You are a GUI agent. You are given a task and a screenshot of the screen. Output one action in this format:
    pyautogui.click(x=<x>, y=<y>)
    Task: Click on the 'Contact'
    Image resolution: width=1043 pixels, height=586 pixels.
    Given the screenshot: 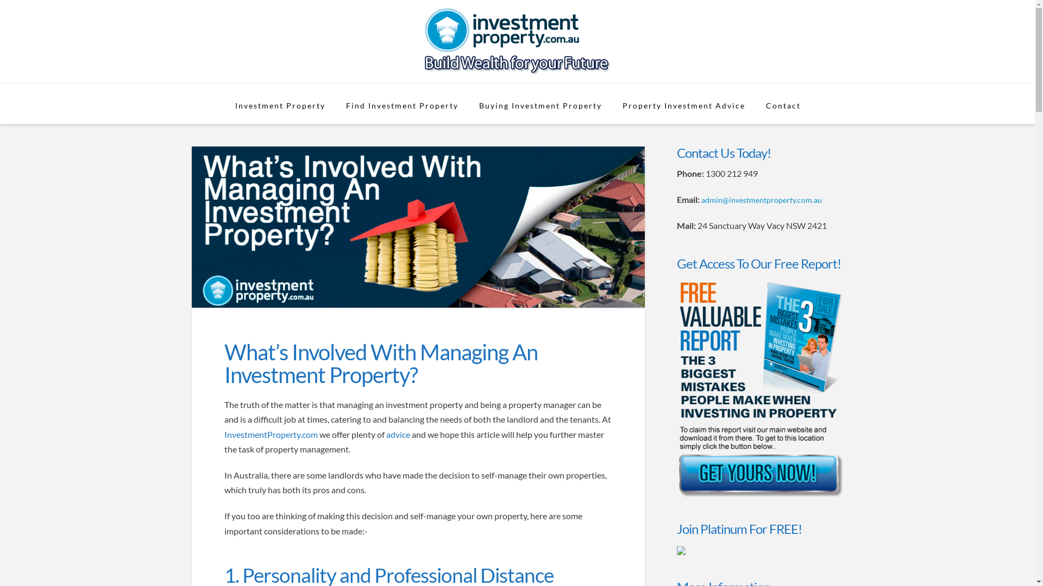 What is the action you would take?
    pyautogui.click(x=782, y=104)
    